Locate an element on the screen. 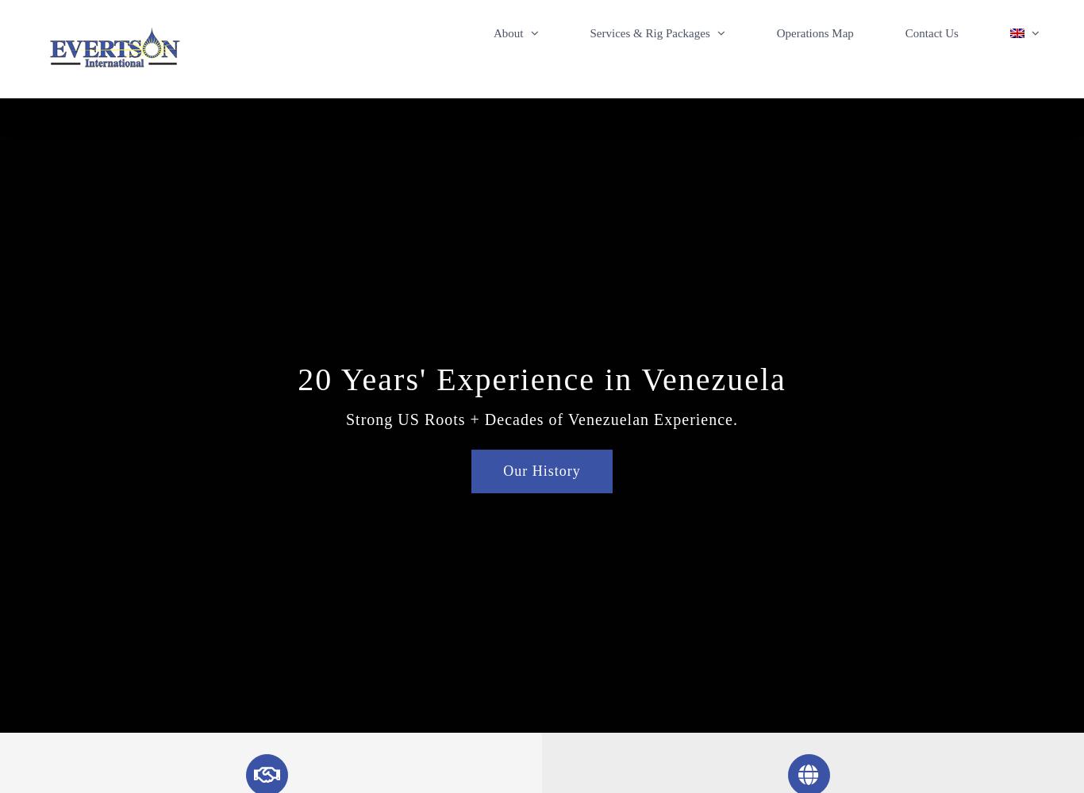  '20 Years' Experience in Venezuela' is located at coordinates (540, 367).